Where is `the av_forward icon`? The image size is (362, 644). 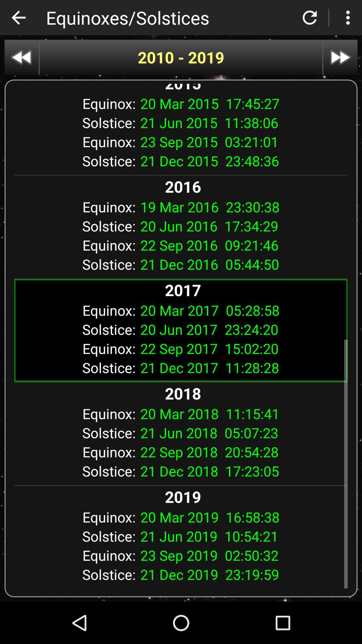
the av_forward icon is located at coordinates (340, 57).